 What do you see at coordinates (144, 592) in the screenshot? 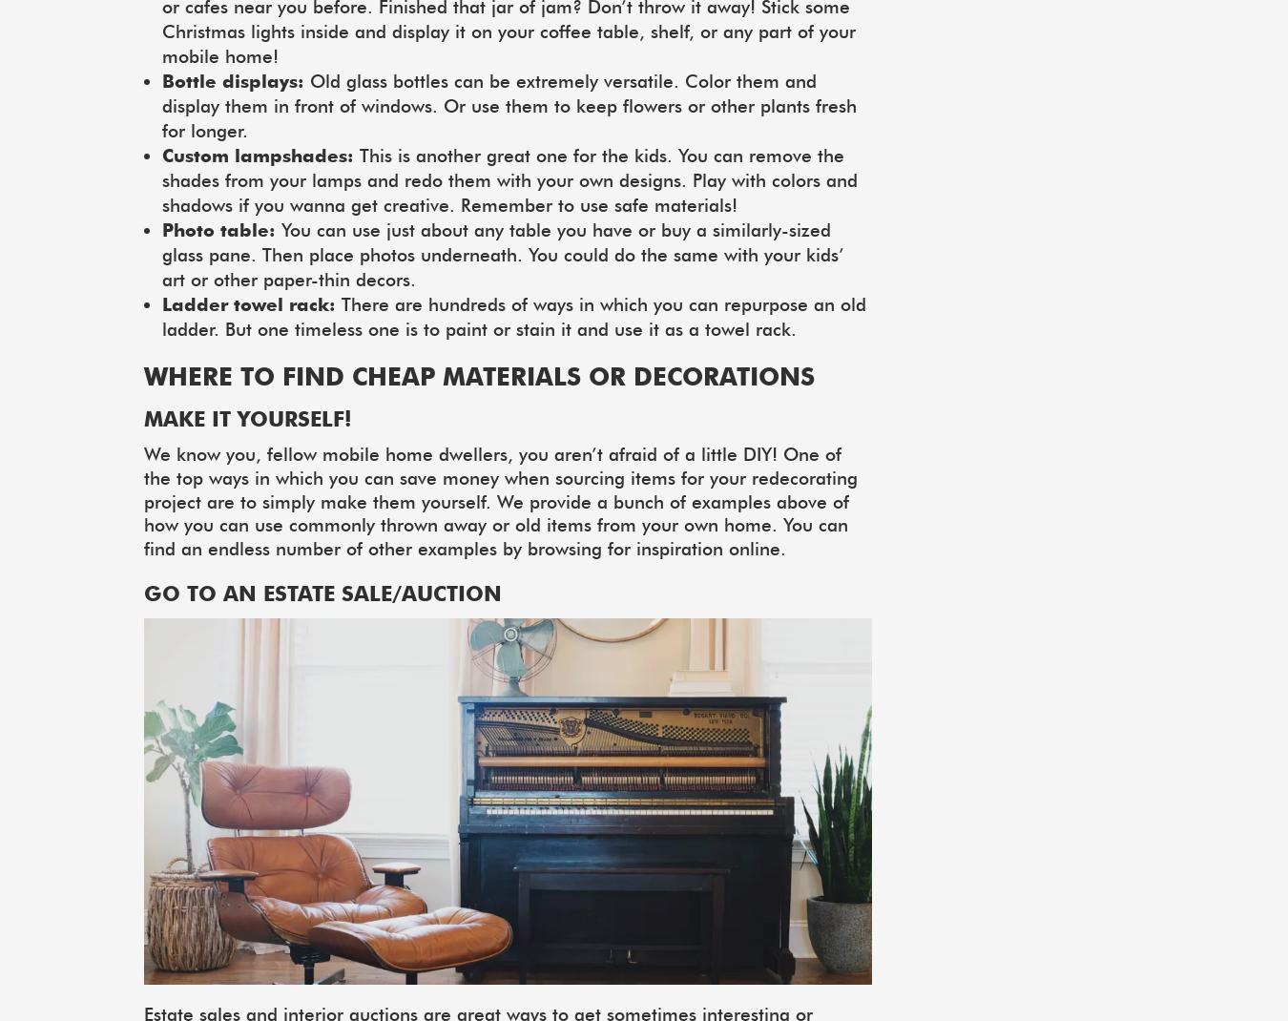
I see `'Go to an estate sale/auction'` at bounding box center [144, 592].